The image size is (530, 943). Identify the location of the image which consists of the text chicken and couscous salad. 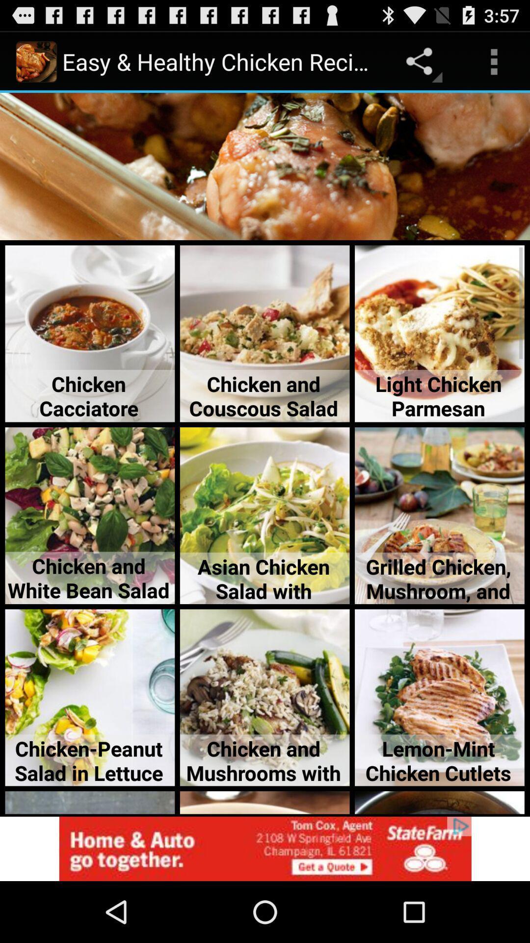
(265, 334).